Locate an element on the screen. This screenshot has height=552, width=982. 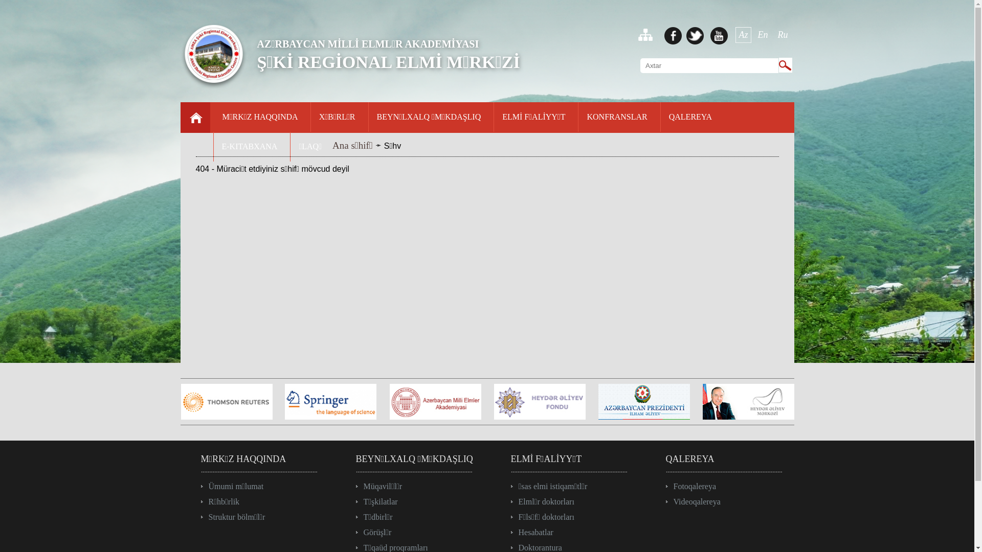
'Ru' is located at coordinates (783, 34).